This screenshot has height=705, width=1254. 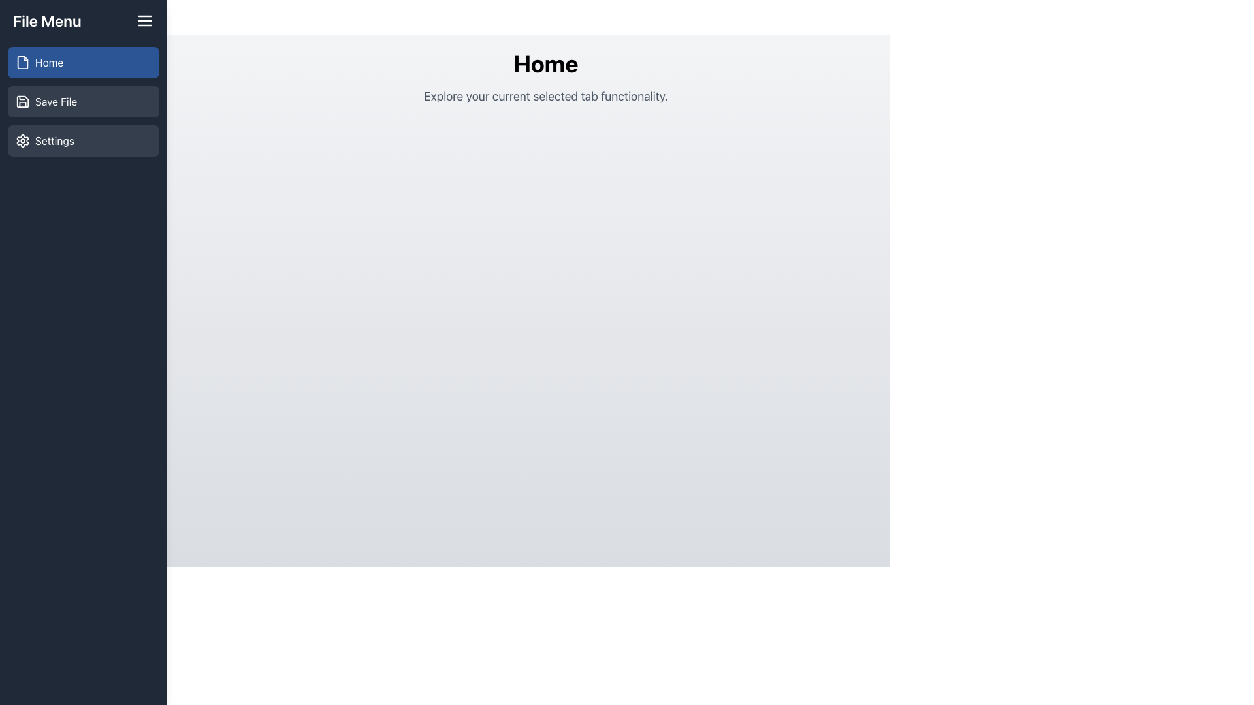 I want to click on the navigation menu toggle button, so click(x=144, y=20).